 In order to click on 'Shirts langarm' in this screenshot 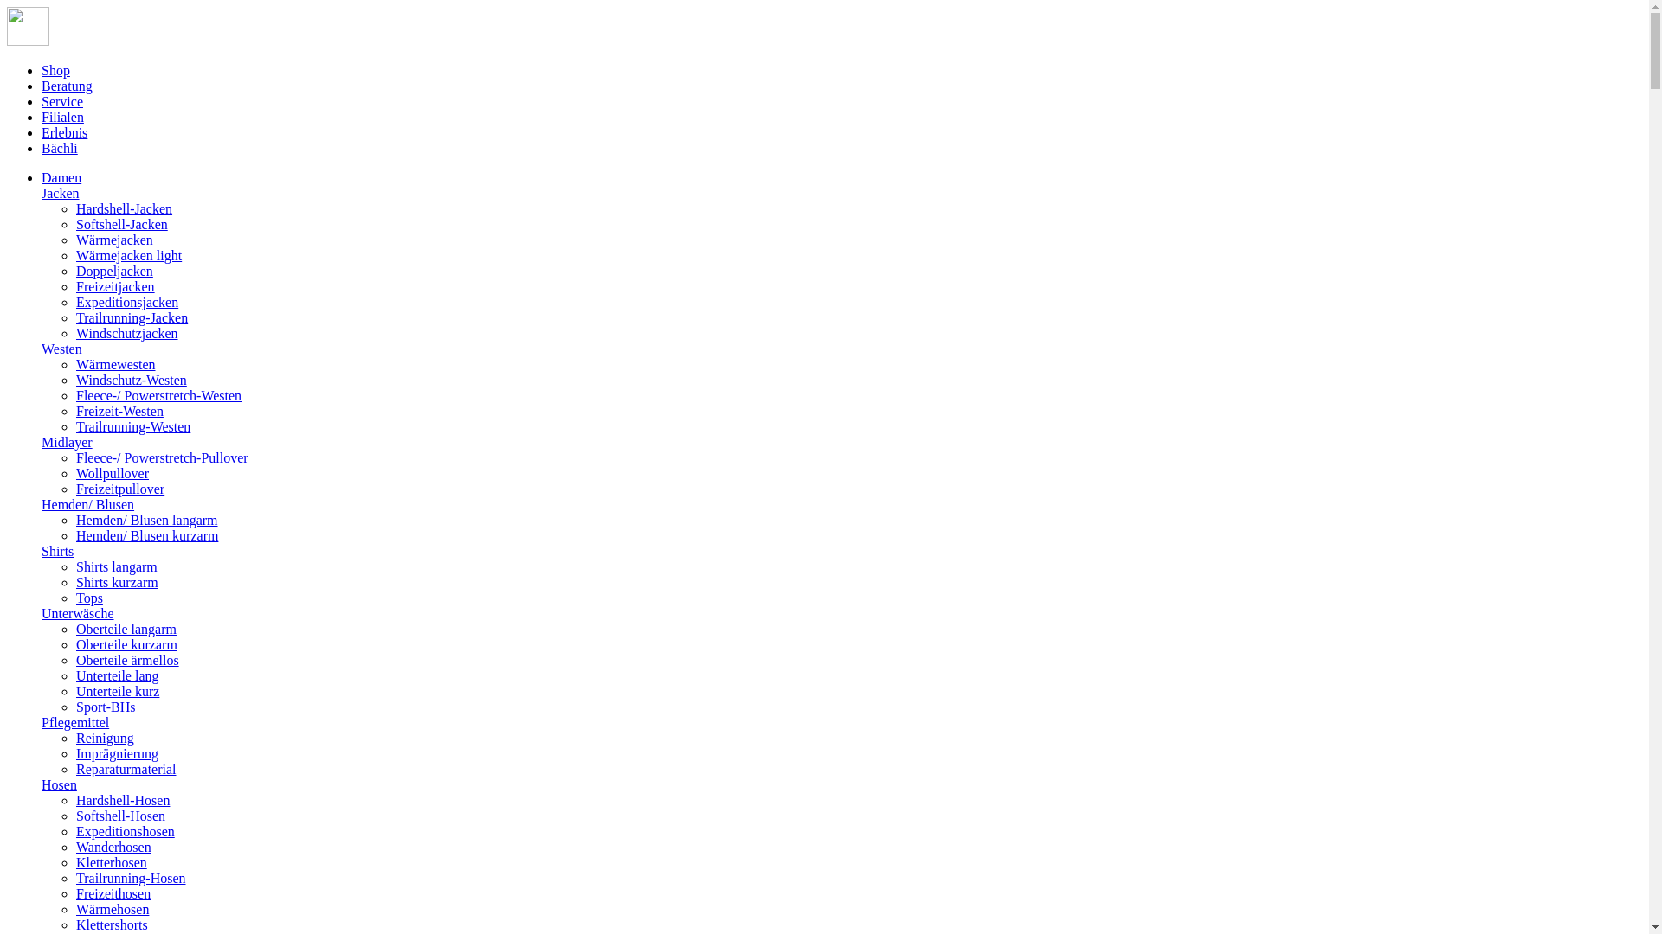, I will do `click(115, 566)`.